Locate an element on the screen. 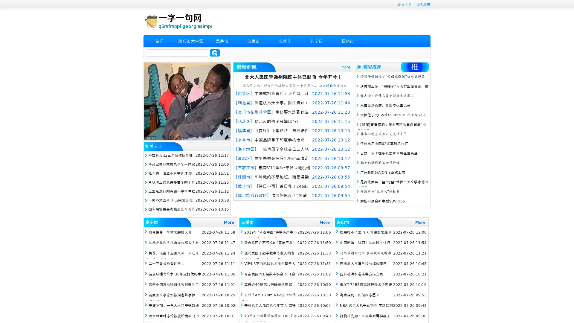  Search is located at coordinates (215, 53).